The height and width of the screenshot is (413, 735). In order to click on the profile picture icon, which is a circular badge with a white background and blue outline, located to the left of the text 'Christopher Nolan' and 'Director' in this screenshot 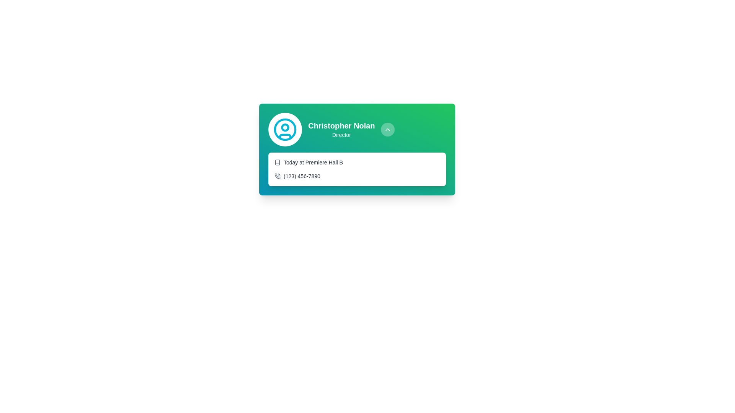, I will do `click(284, 129)`.